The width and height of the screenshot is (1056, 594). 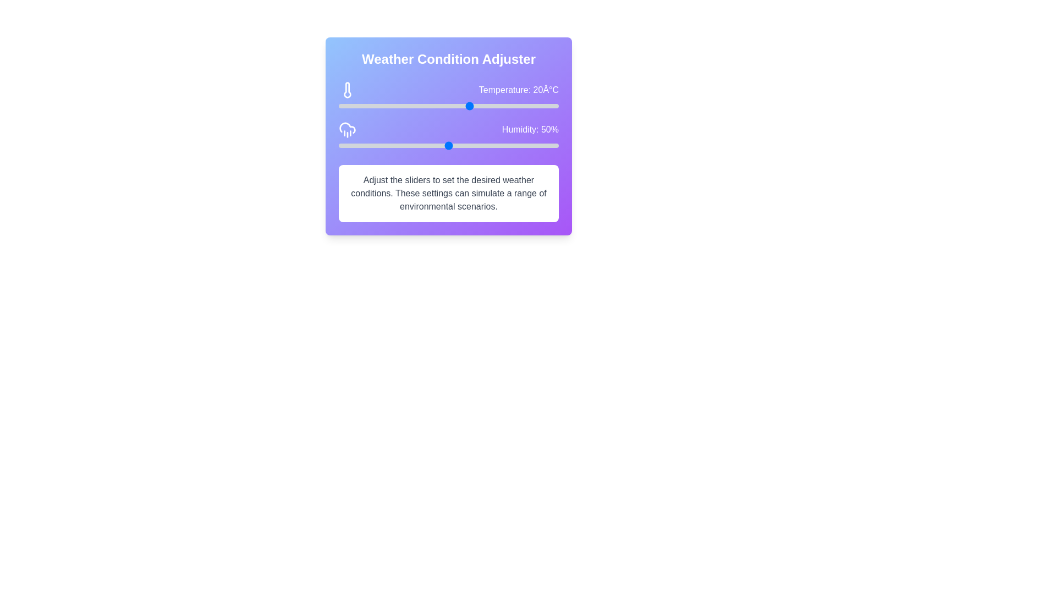 What do you see at coordinates (505, 145) in the screenshot?
I see `the humidity slider to set the value to 76%` at bounding box center [505, 145].